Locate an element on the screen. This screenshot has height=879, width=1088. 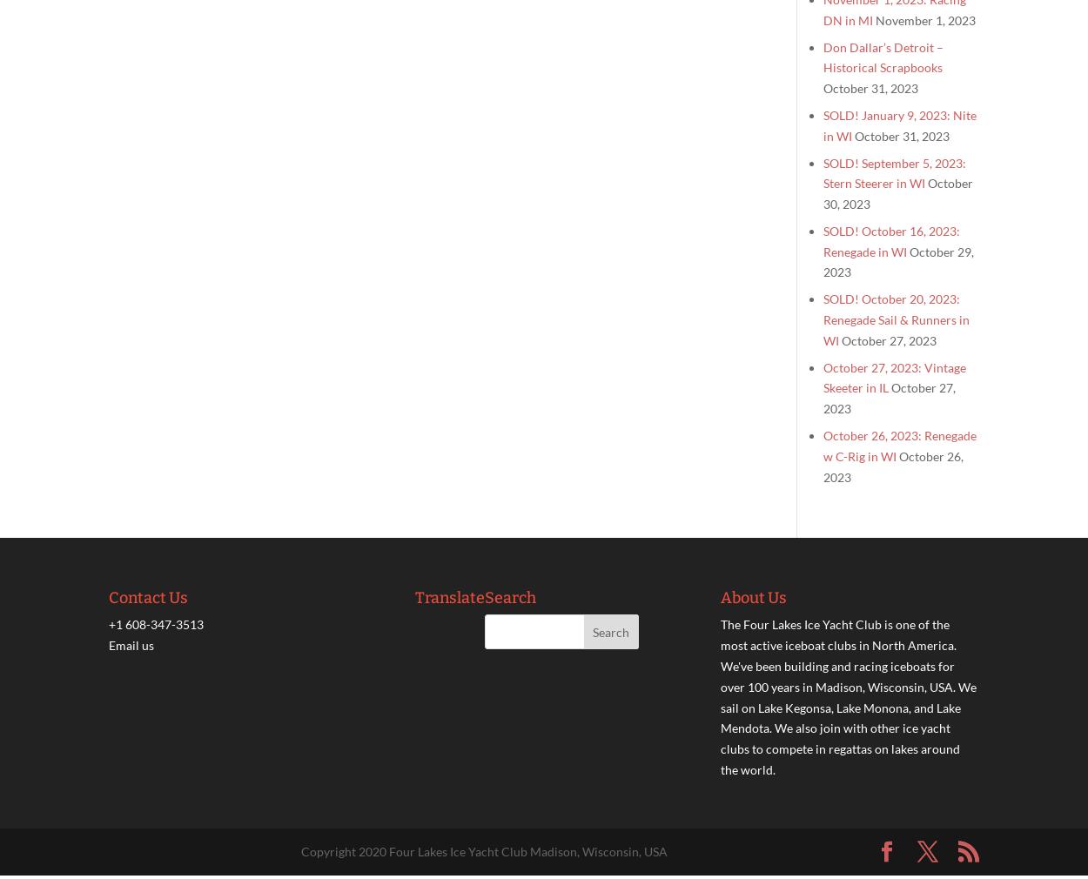
'Translate' is located at coordinates (413, 597).